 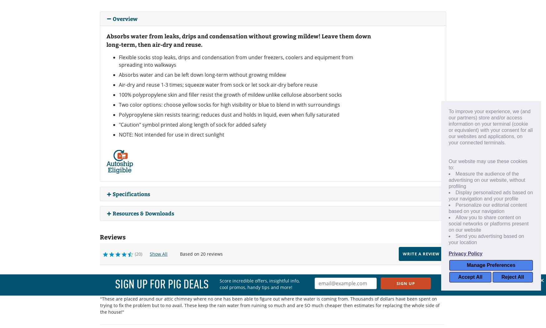 What do you see at coordinates (118, 124) in the screenshot?
I see `'"Caution" symbol printed along length of sock for added safety'` at bounding box center [118, 124].